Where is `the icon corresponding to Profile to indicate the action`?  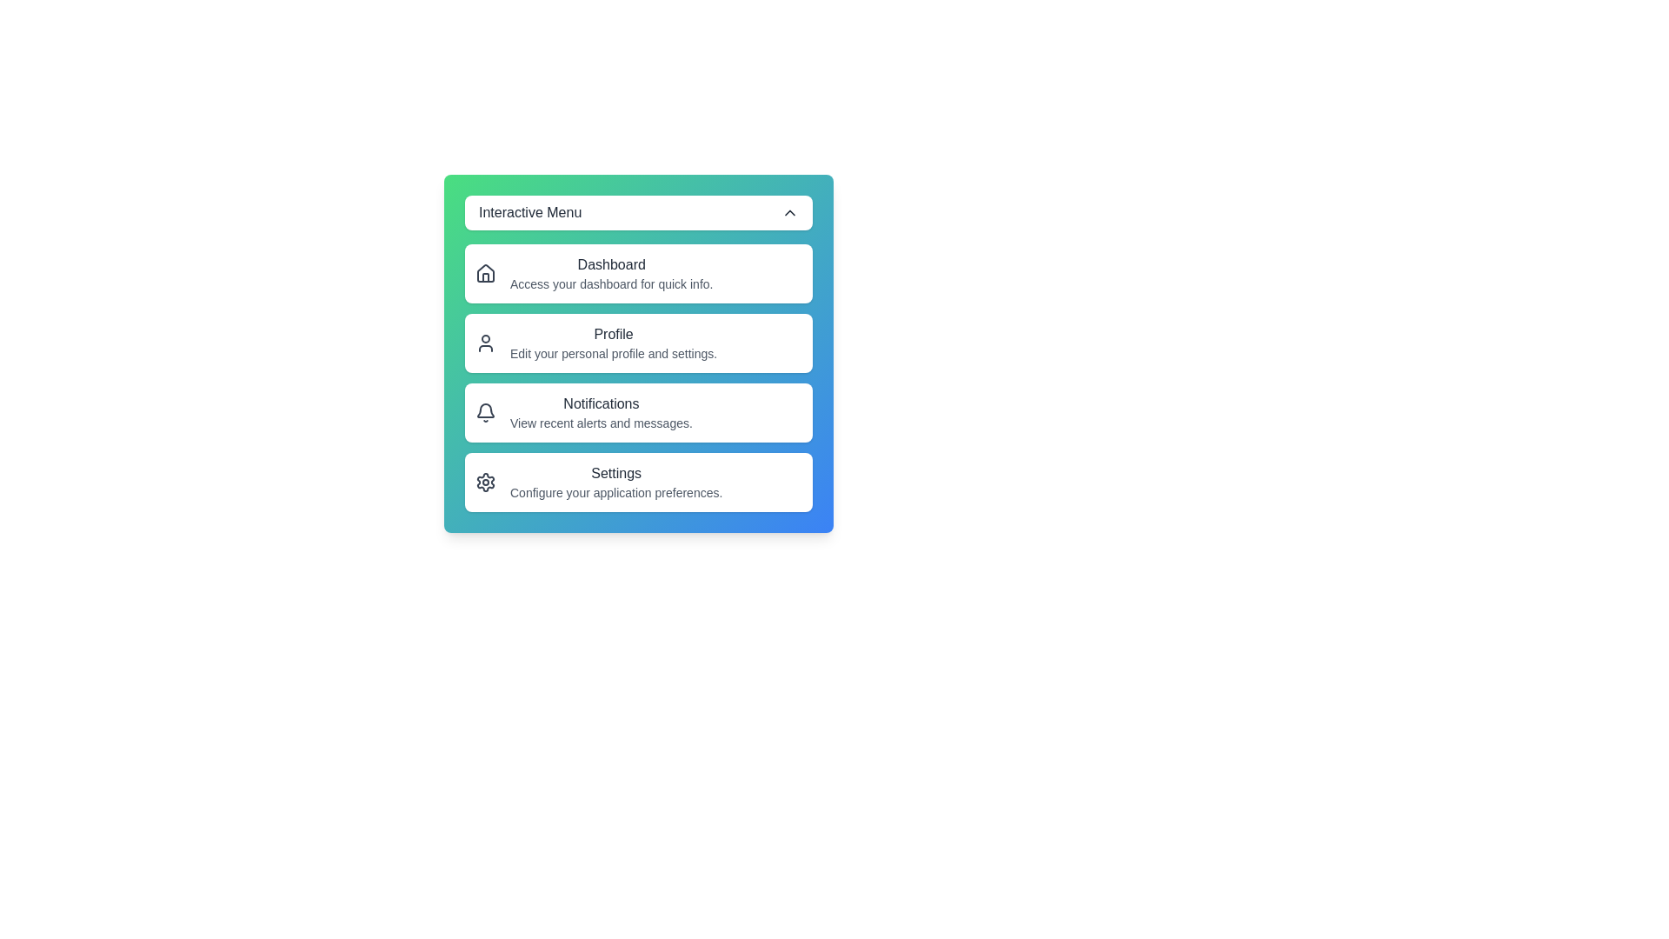
the icon corresponding to Profile to indicate the action is located at coordinates (485, 343).